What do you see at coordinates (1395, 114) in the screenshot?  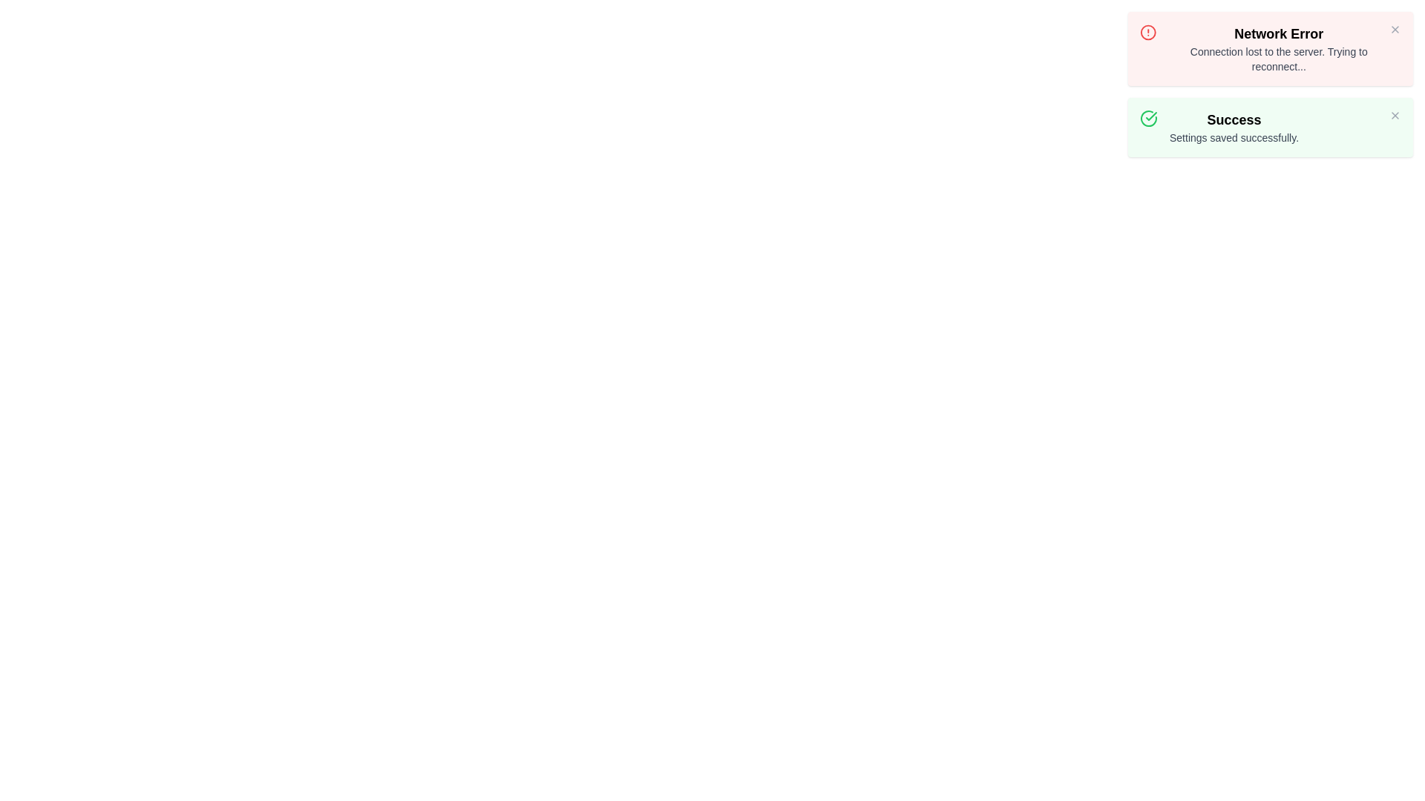 I see `the close button located in the top-right corner of the notification box that displays the message starting with 'Success' and the description 'Settings saved successfully.'` at bounding box center [1395, 114].